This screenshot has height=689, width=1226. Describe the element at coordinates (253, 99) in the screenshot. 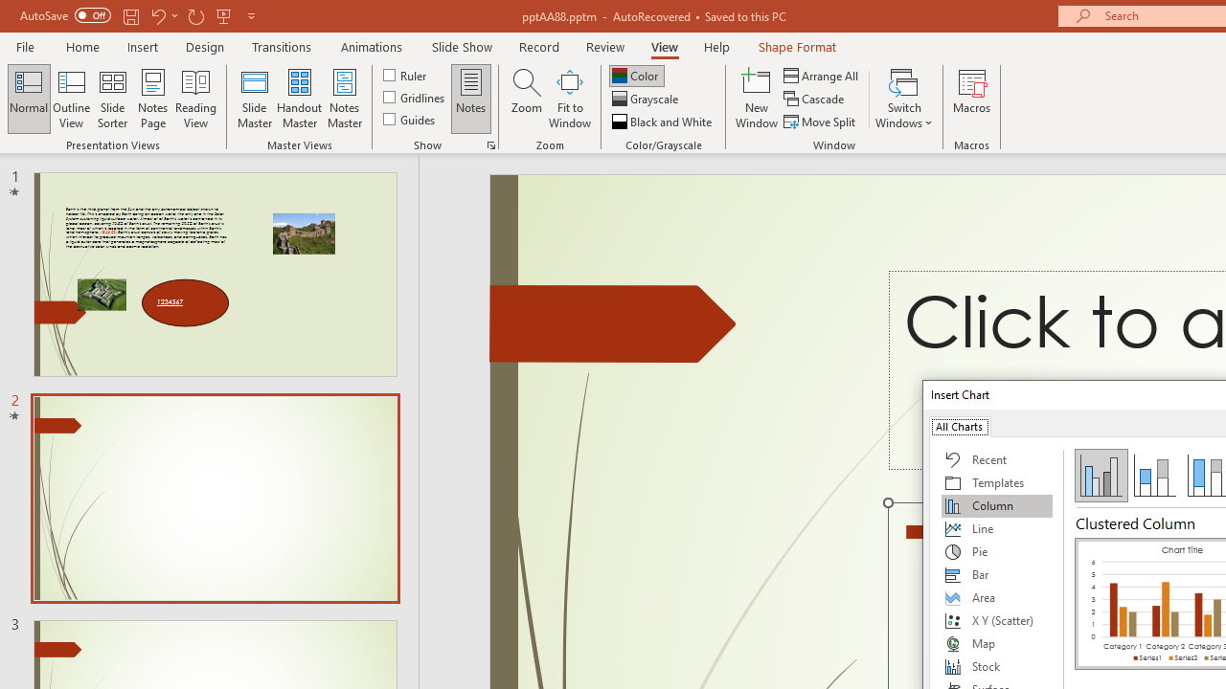

I see `'Slide Master'` at that location.